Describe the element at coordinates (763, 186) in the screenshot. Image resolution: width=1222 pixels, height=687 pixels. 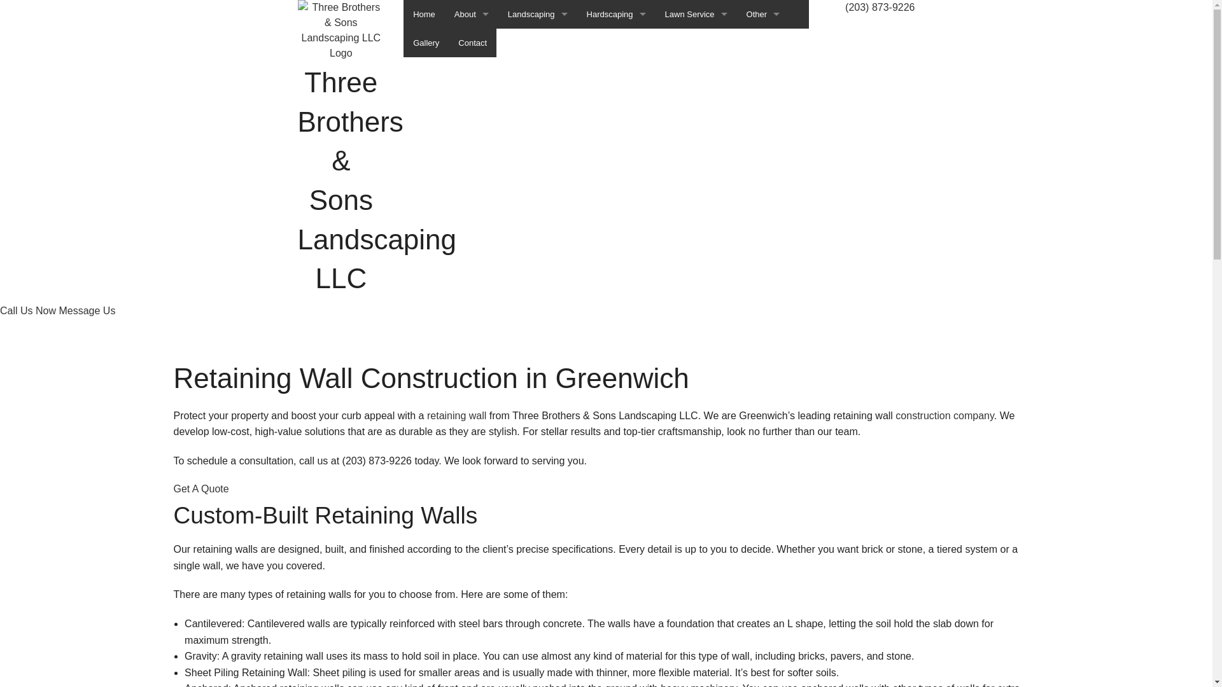
I see `'Shrubs and Hedges'` at that location.